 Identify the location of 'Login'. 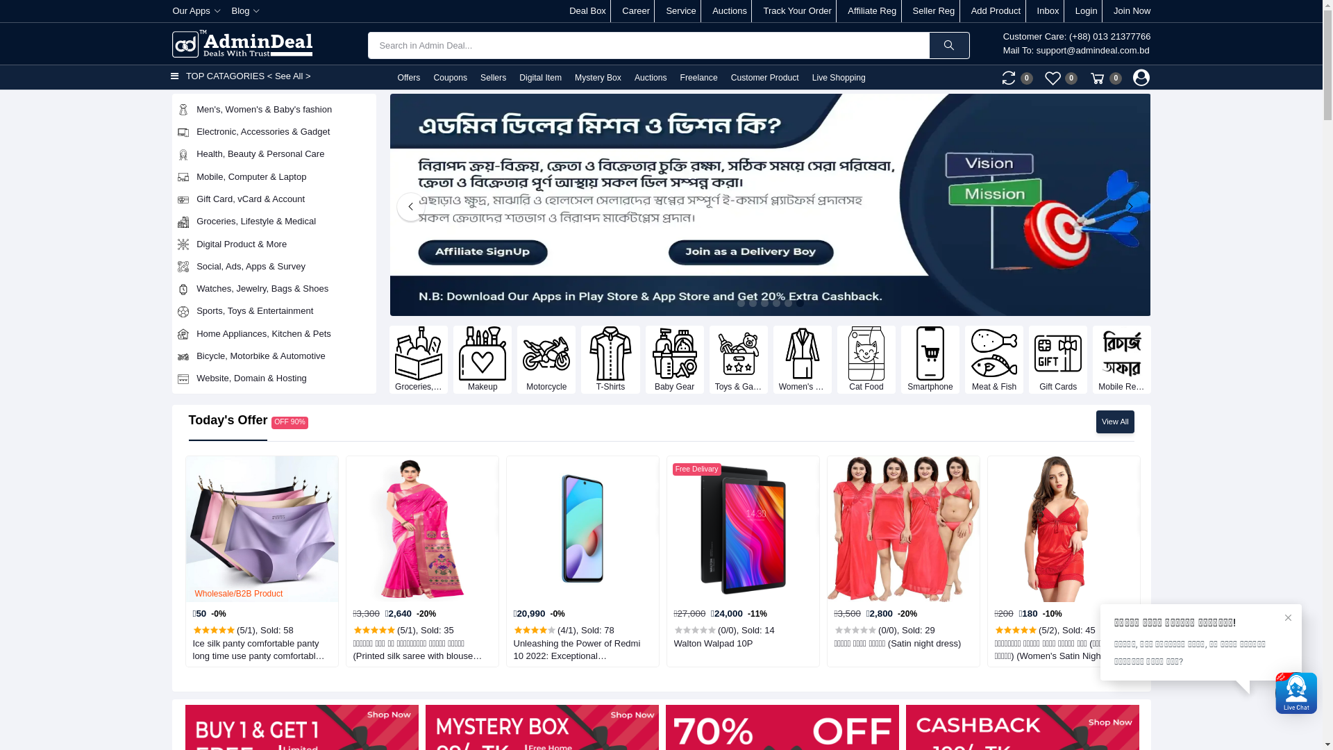
(1085, 10).